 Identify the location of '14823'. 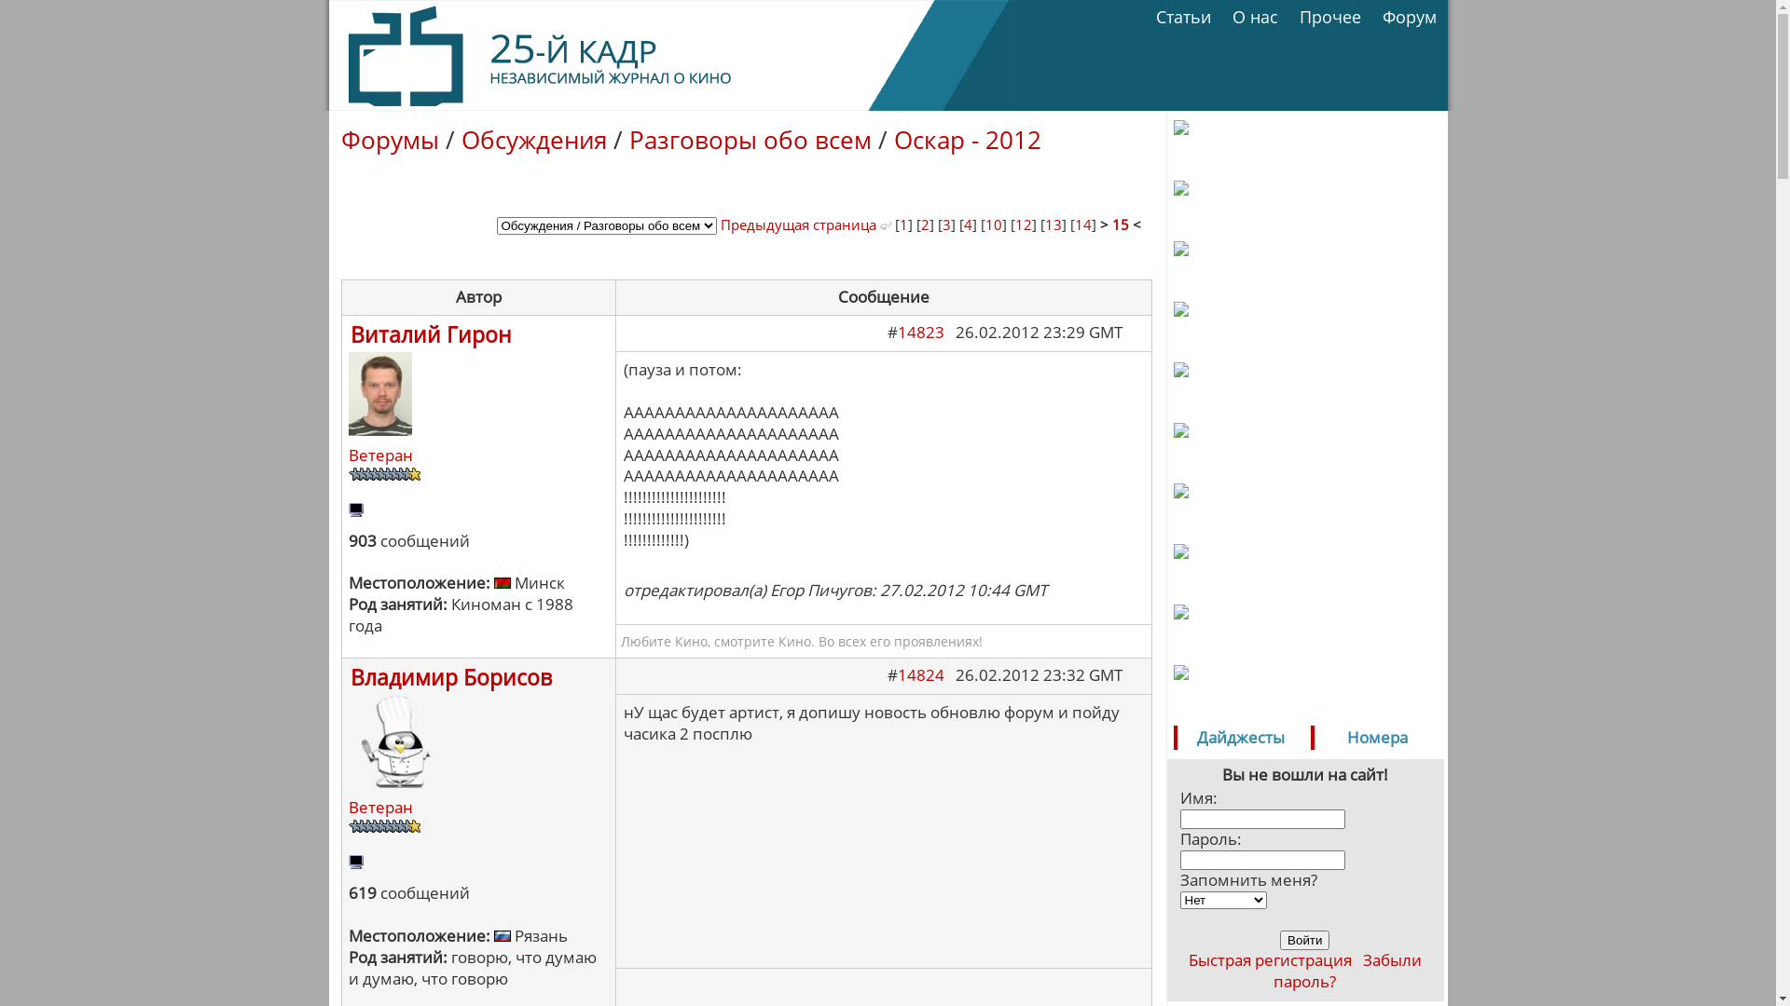
(920, 331).